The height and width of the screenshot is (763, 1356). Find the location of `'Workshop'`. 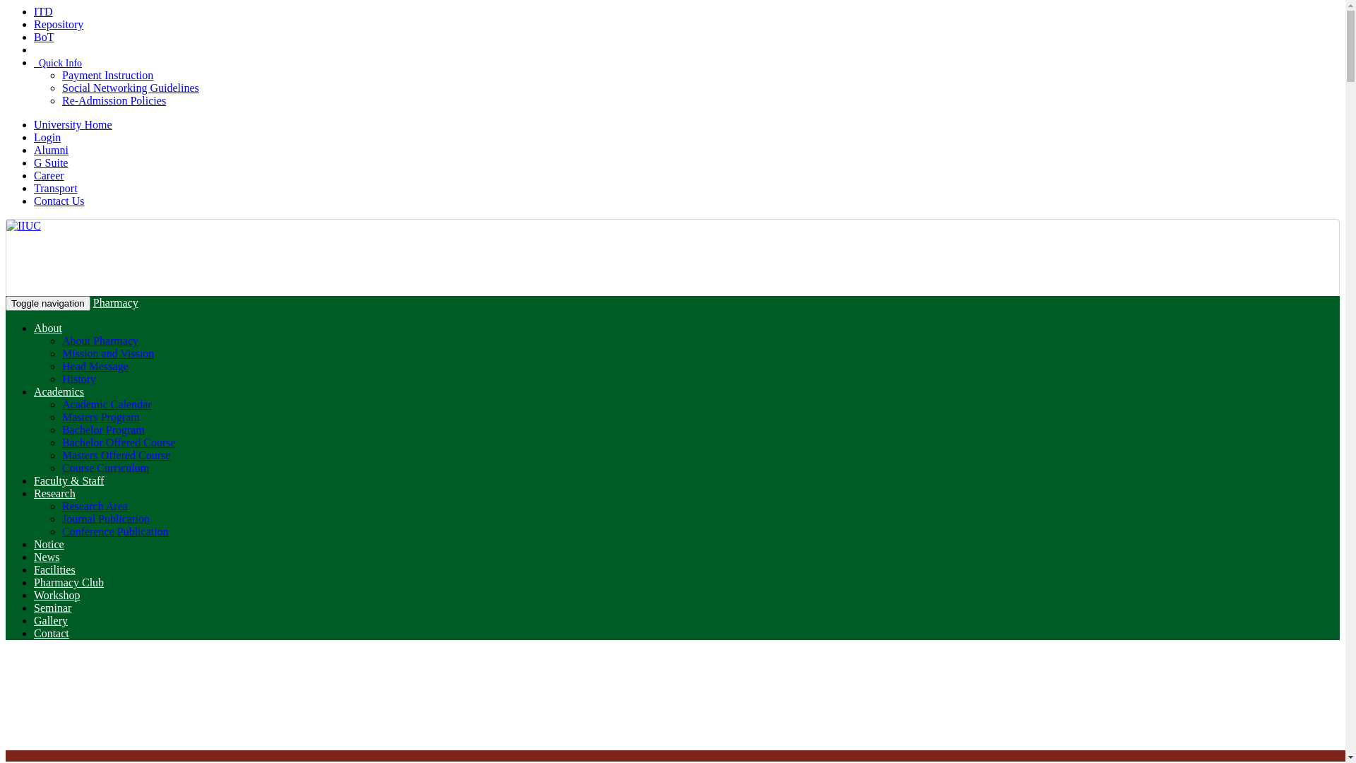

'Workshop' is located at coordinates (56, 595).